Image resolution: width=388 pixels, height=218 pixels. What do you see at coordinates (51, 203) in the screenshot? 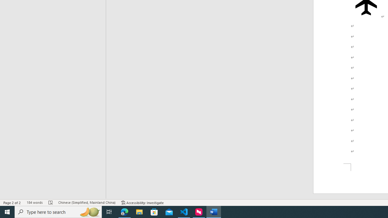
I see `'Spelling and Grammar Check Errors'` at bounding box center [51, 203].